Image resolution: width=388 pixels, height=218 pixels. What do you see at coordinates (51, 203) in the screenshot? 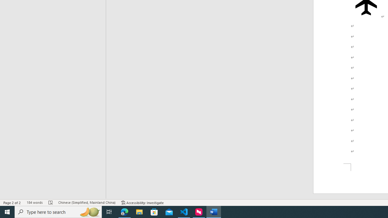
I see `'Spelling and Grammar Check Errors'` at bounding box center [51, 203].